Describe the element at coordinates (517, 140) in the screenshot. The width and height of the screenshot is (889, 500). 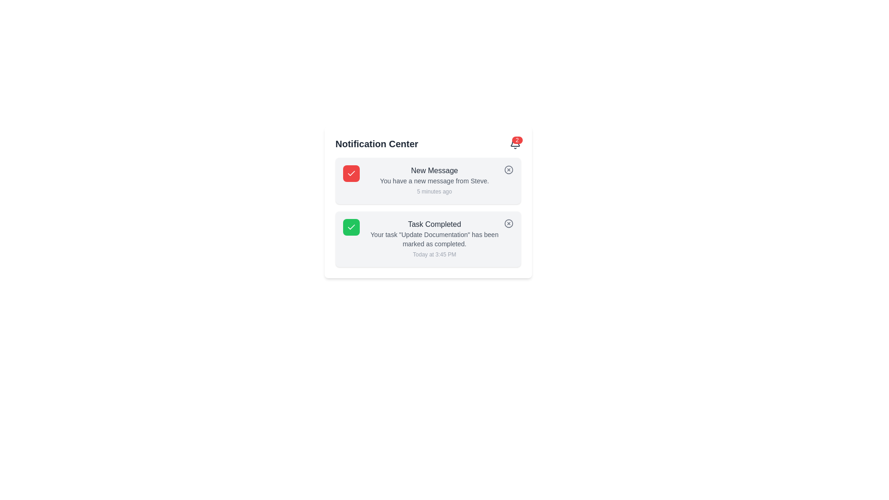
I see `the Notification badge that displays the count of unread notifications, located at the top-right corner of the notification bell icon` at that location.